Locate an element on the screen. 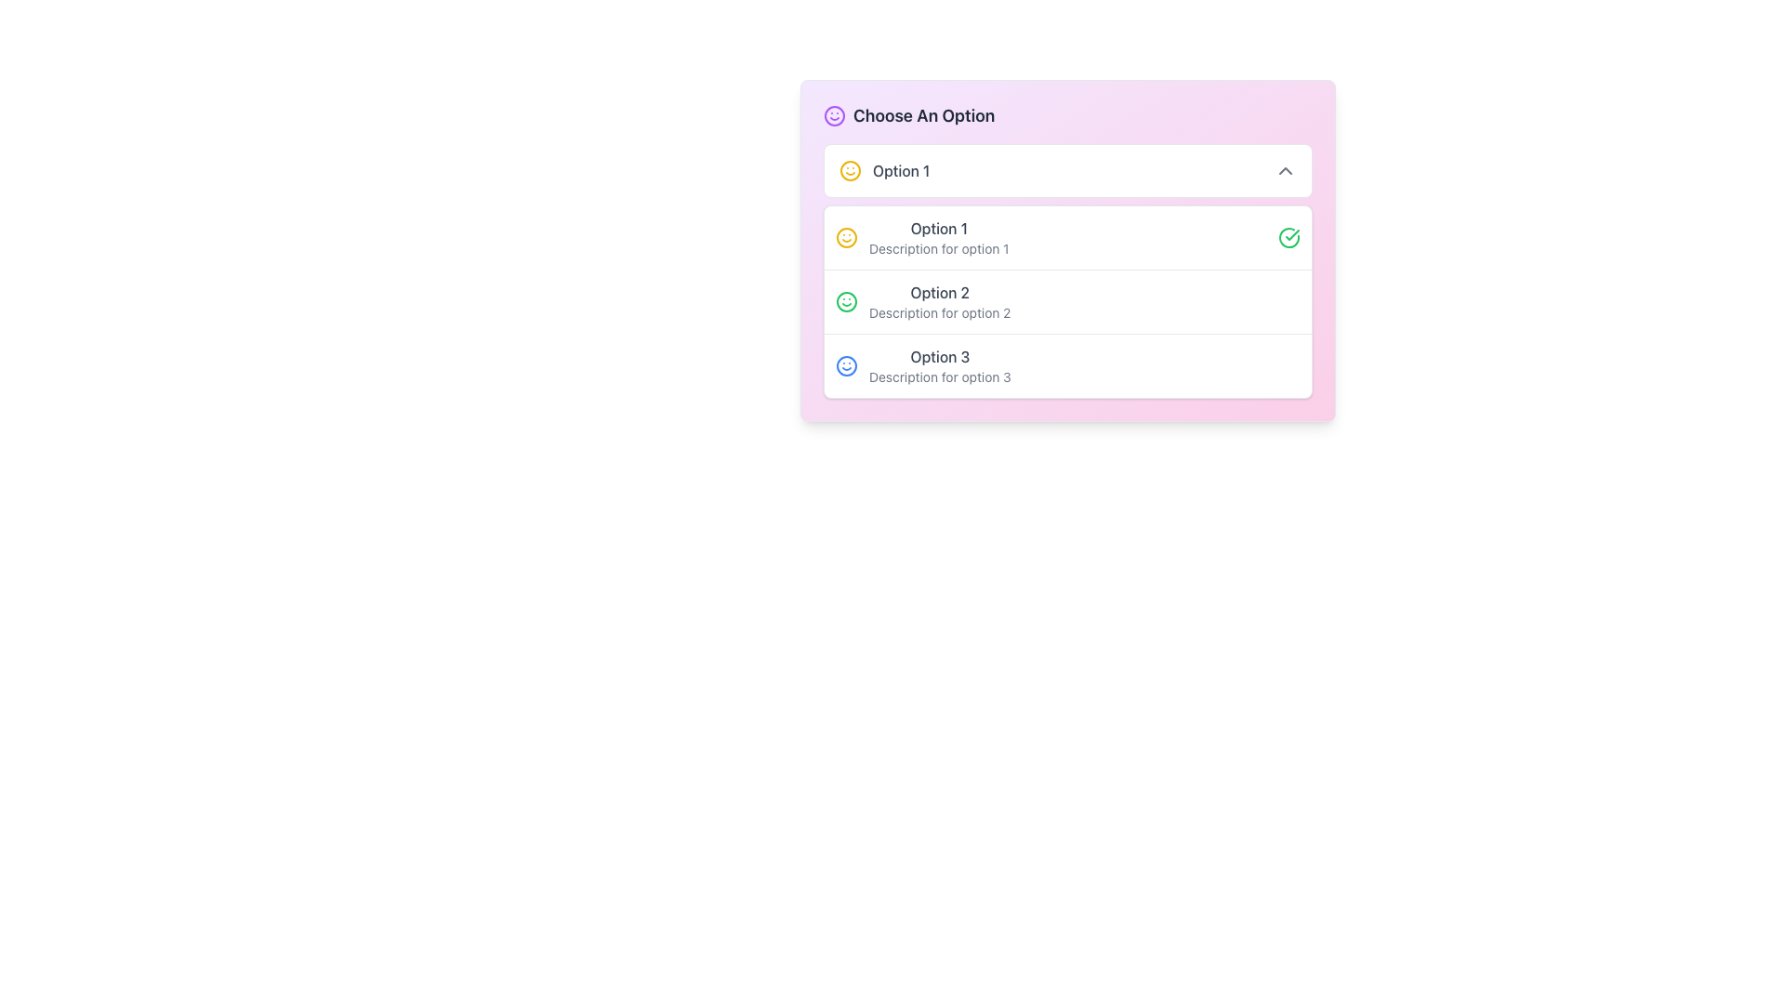  the text label for the first option in the 'Choose An Option' selection list, which is positioned above the description text 'Description for option 1' and adjacent to a yellow emoji icon is located at coordinates (939, 228).